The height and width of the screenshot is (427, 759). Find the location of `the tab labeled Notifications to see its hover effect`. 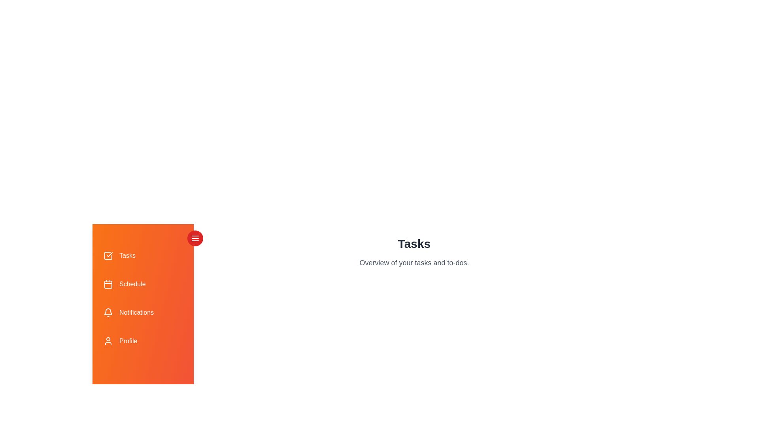

the tab labeled Notifications to see its hover effect is located at coordinates (143, 312).